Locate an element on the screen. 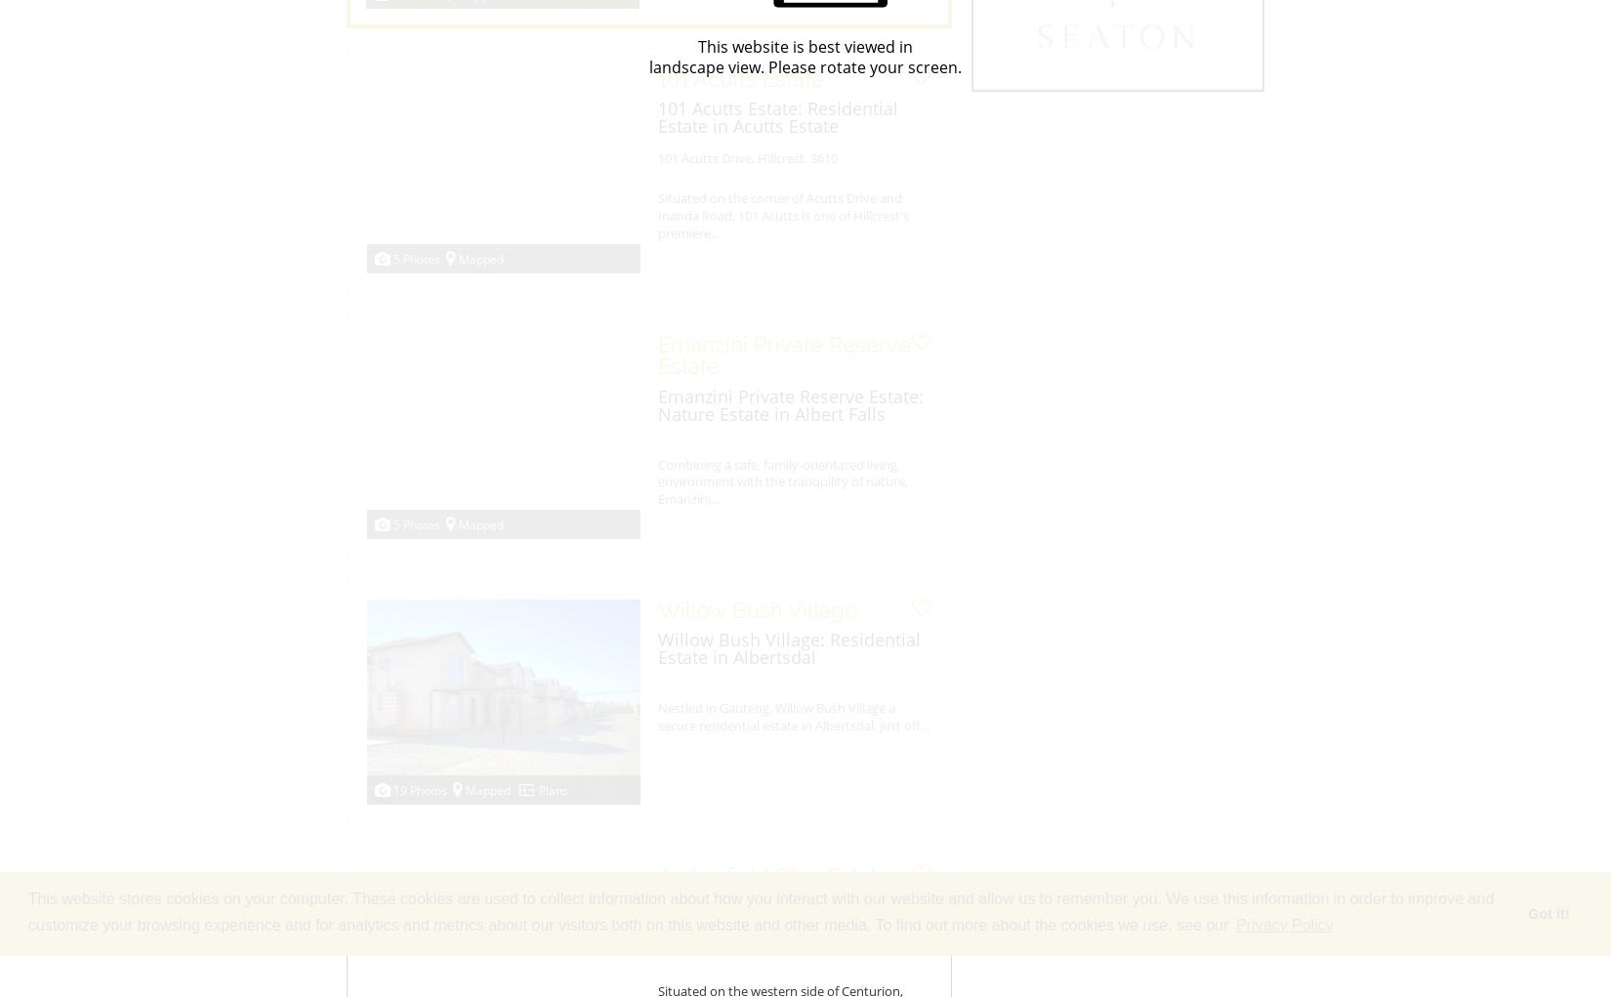 This screenshot has height=997, width=1611. 'Amberfield Glen Estate: Residential Estate in Amberfield Glen' is located at coordinates (657, 922).